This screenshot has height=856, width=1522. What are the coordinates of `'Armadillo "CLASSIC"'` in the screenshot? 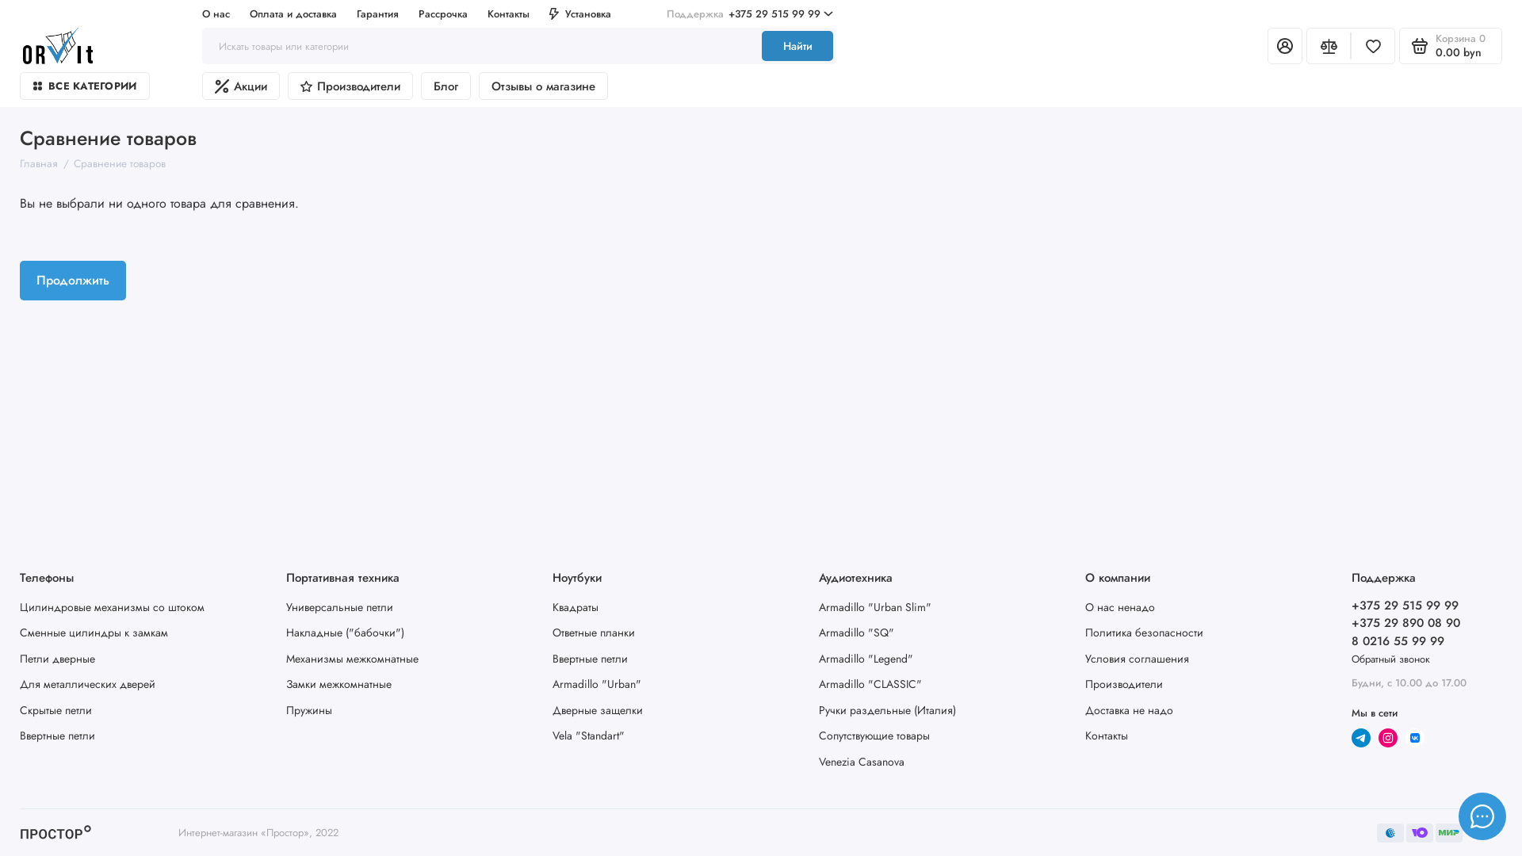 It's located at (870, 683).